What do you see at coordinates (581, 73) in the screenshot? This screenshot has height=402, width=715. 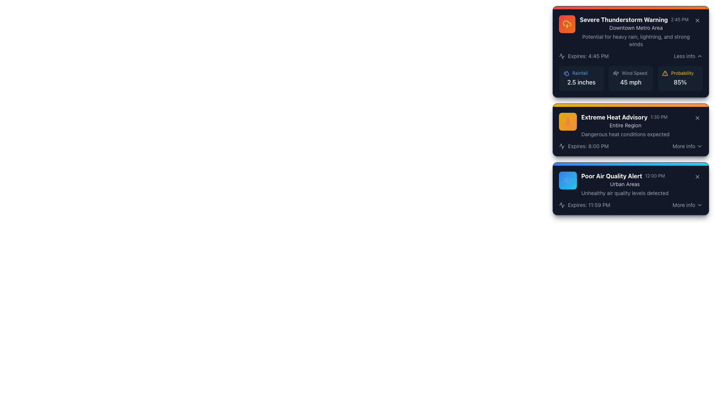 I see `static text label 'Rainfall' which indicates precipitation information, positioned in the upper section of the 'Severe Thunderstorm Warning' card, next to 'Wind Speed' and 'Probability.'` at bounding box center [581, 73].